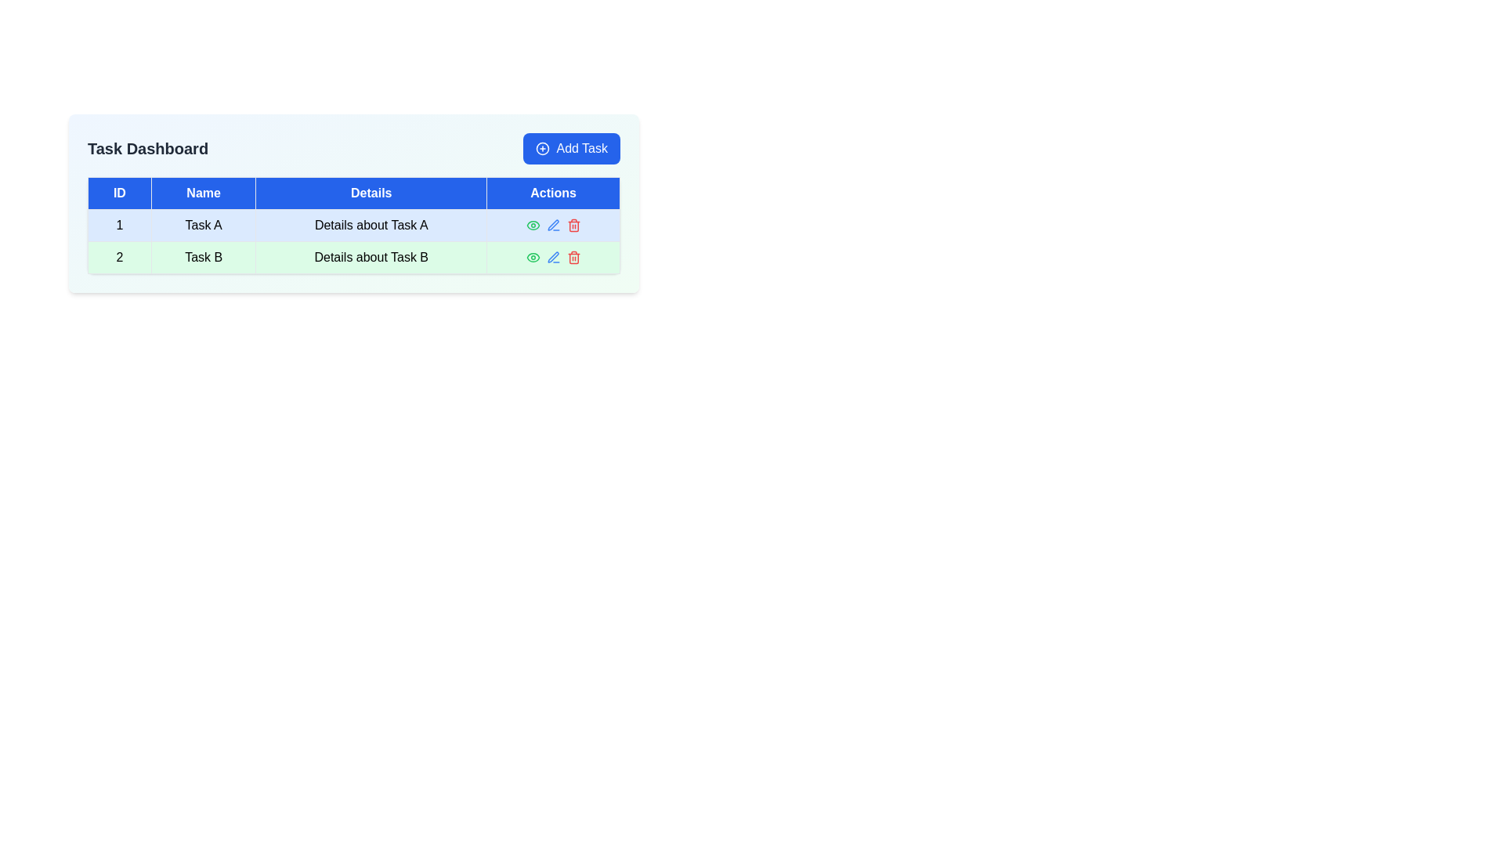  I want to click on the blue pen icon in the actions column of the second row of the table, so click(553, 256).